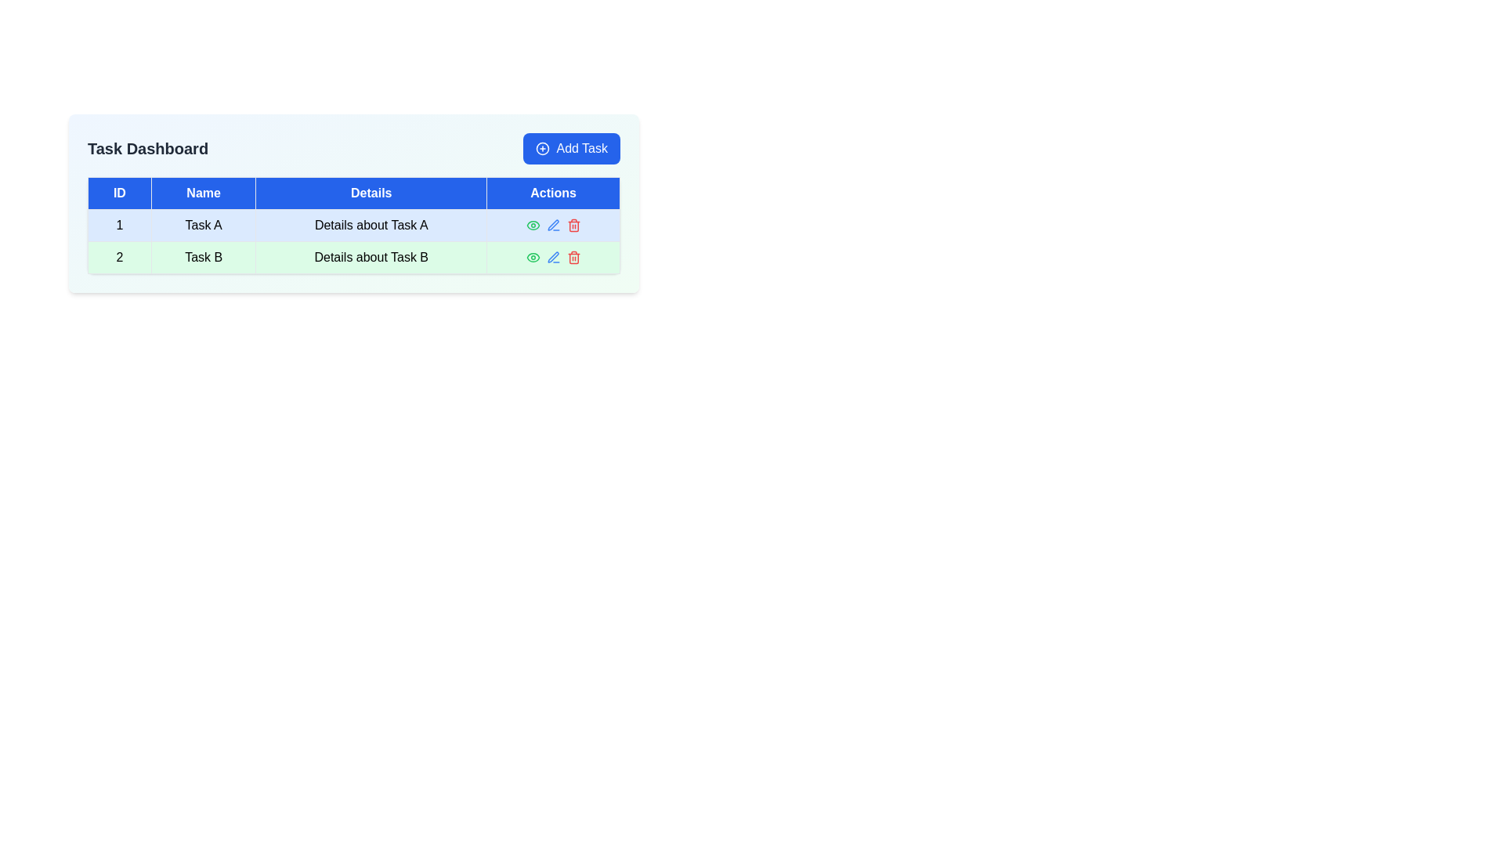  I want to click on the blue pen icon in the actions column of the second row of the table, so click(553, 256).